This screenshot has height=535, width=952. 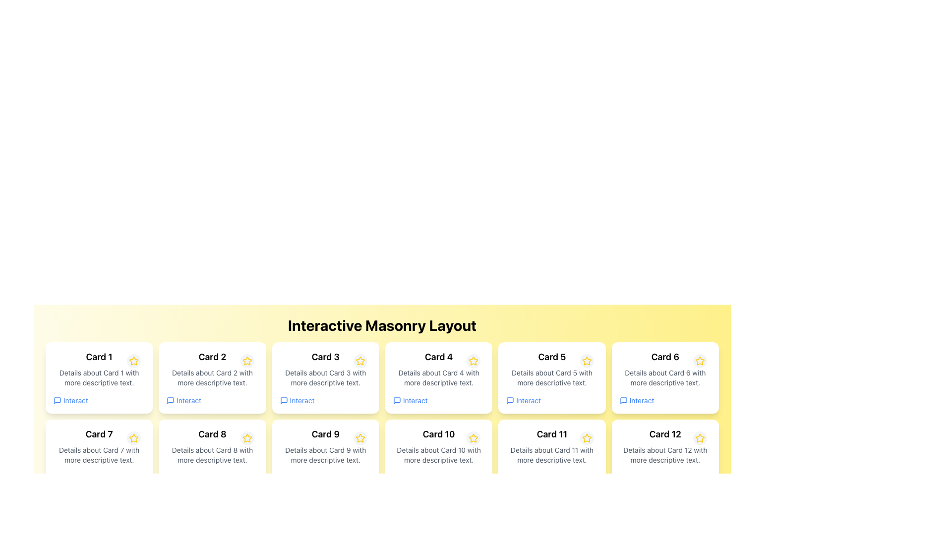 I want to click on the message or speech bubble icon located in the fifth card of the second row to observe its tooltip or effect, so click(x=510, y=400).